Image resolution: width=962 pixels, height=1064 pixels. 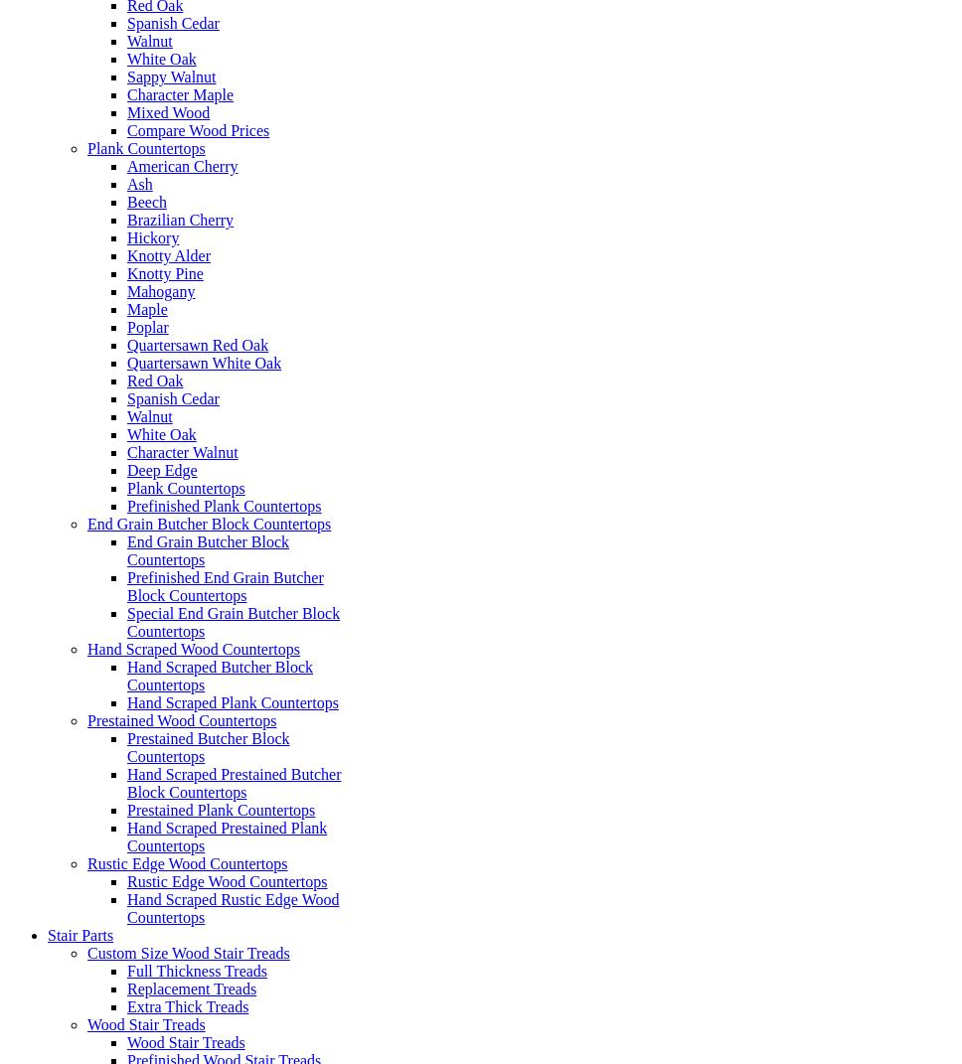 What do you see at coordinates (207, 747) in the screenshot?
I see `'Prestained Butcher Block Countertops'` at bounding box center [207, 747].